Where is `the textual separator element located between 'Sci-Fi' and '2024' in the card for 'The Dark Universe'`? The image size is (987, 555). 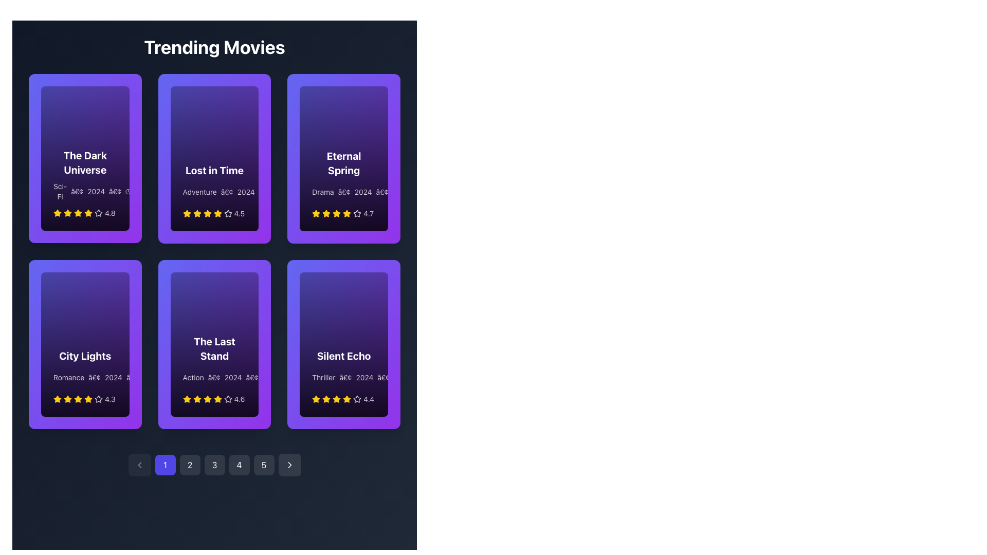 the textual separator element located between 'Sci-Fi' and '2024' in the card for 'The Dark Universe' is located at coordinates (77, 192).